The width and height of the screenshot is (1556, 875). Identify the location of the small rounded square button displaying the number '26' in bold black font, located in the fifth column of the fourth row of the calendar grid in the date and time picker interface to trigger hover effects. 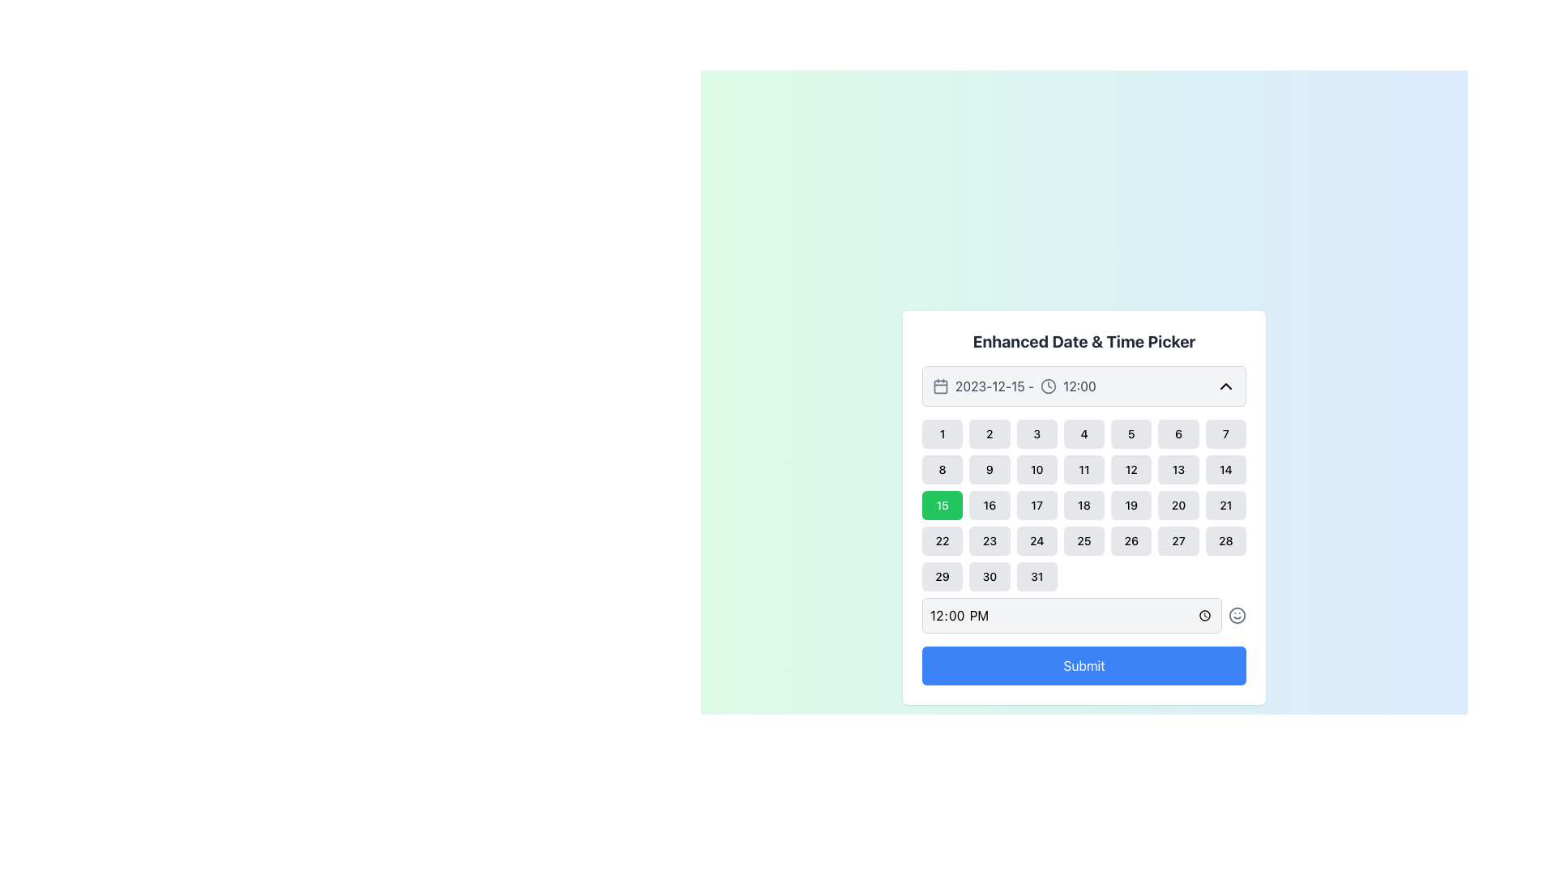
(1131, 540).